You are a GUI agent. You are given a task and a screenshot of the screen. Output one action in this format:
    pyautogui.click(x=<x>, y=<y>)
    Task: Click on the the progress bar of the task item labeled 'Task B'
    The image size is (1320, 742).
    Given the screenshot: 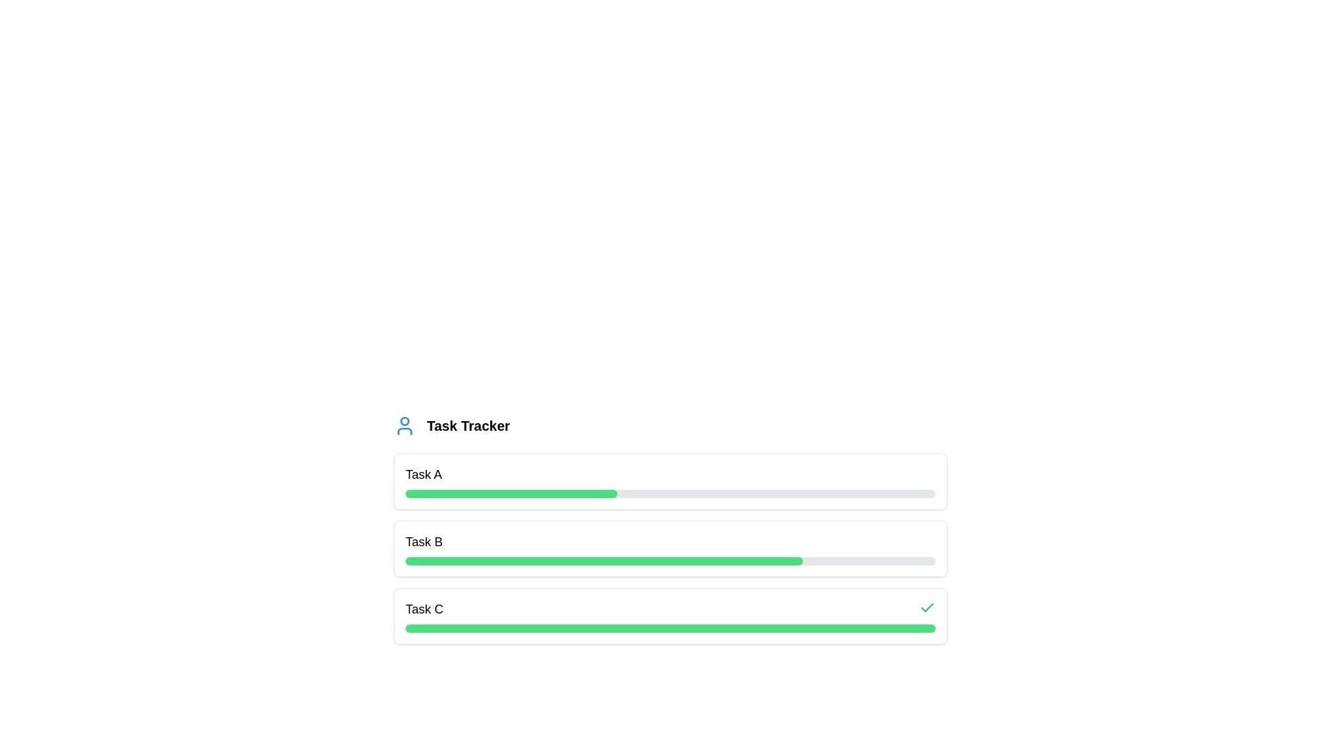 What is the action you would take?
    pyautogui.click(x=670, y=548)
    